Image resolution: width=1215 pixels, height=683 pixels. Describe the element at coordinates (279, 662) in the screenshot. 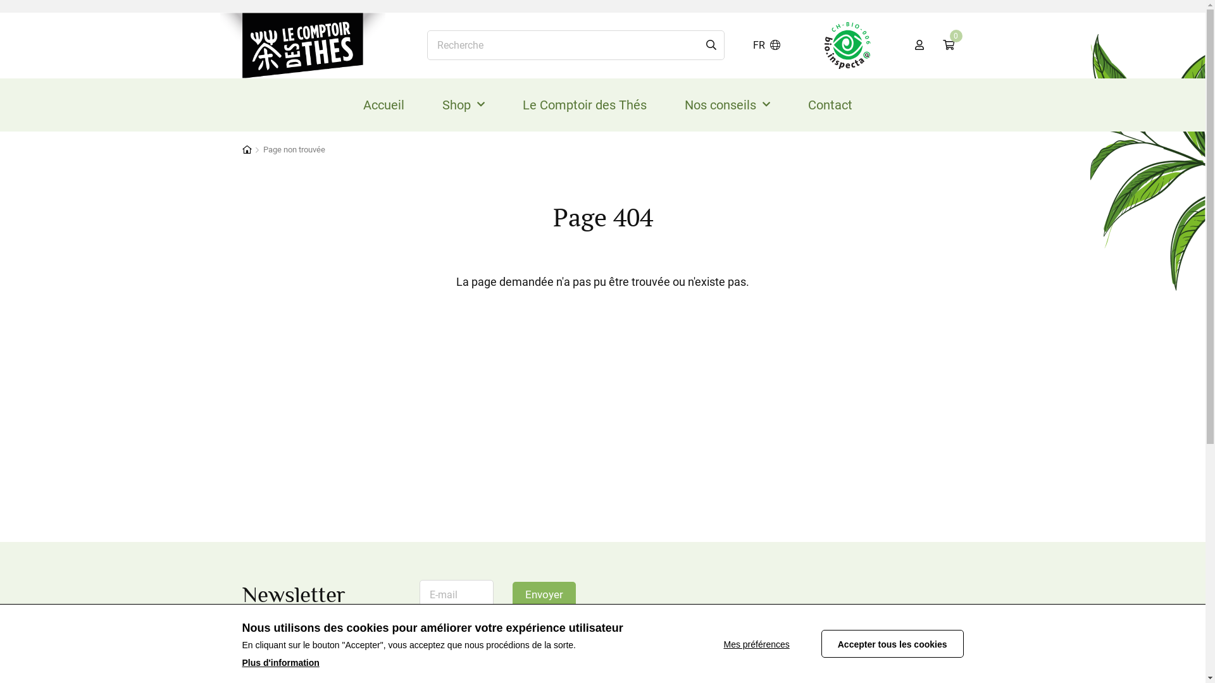

I see `'Plus d'information'` at that location.